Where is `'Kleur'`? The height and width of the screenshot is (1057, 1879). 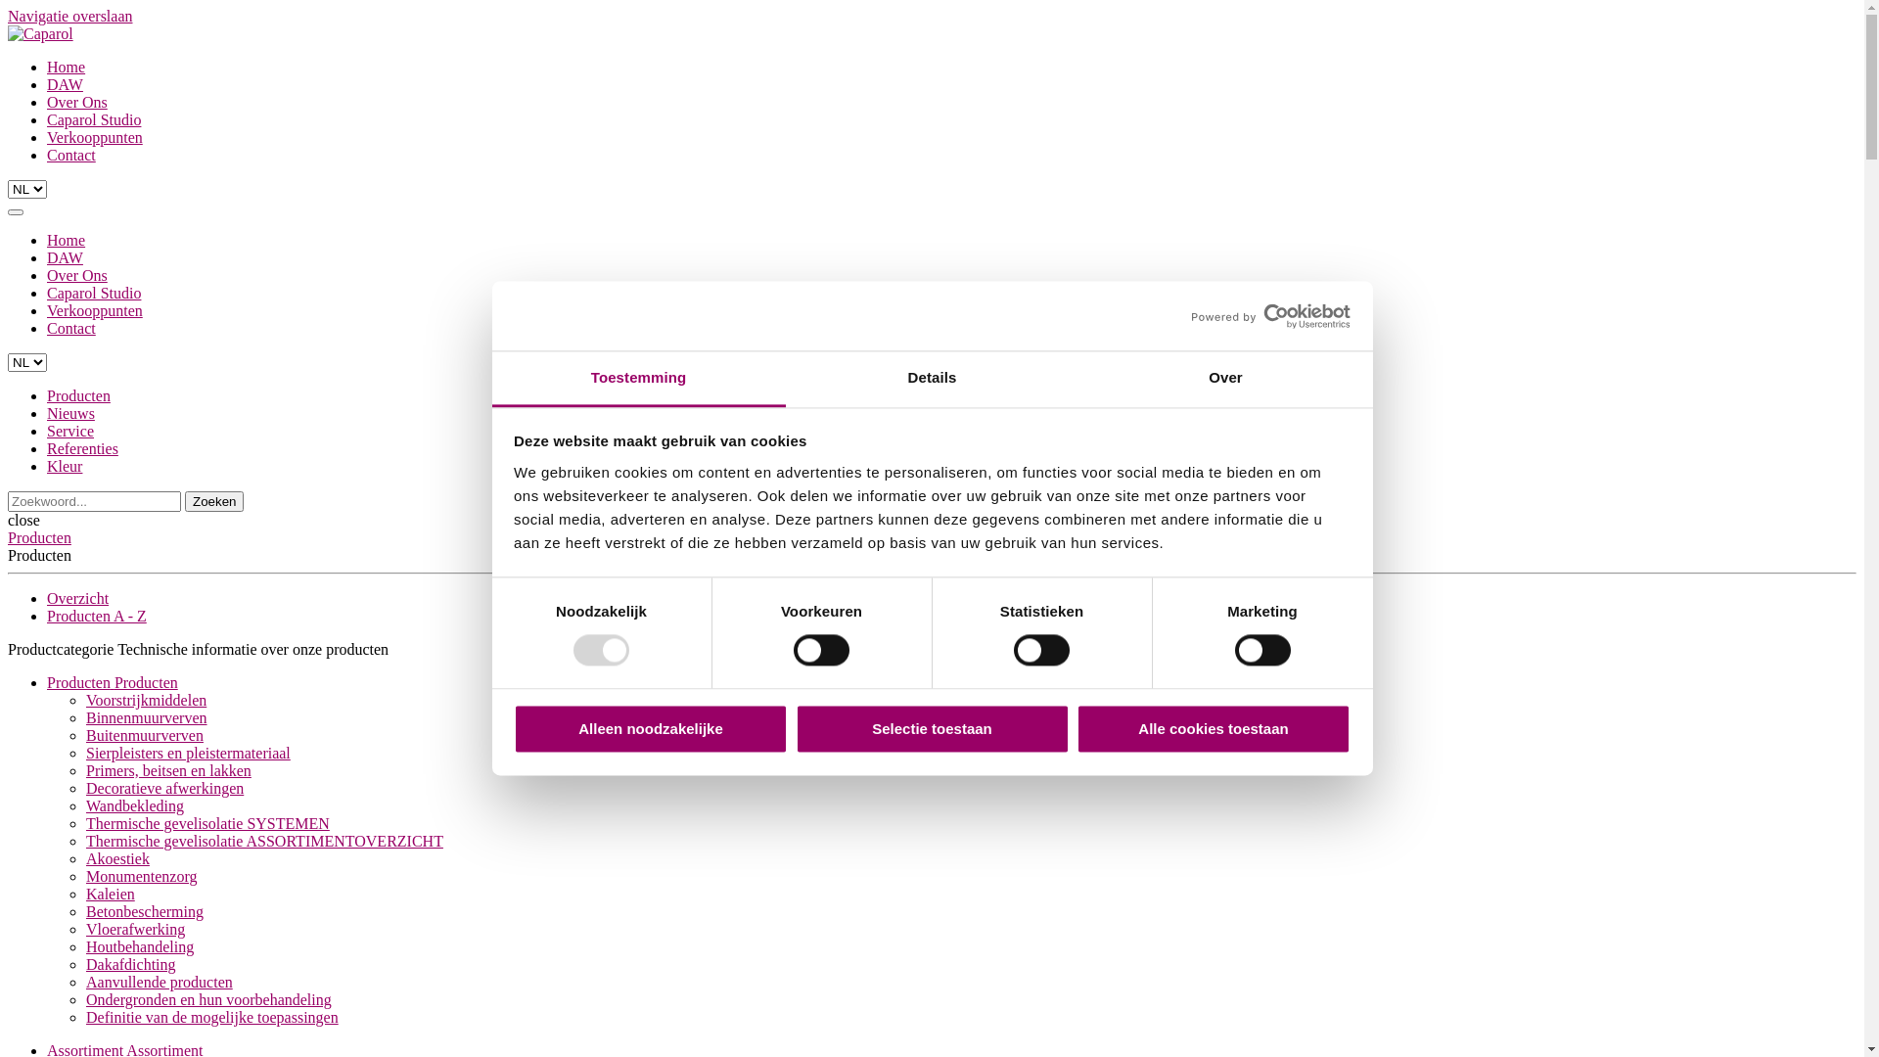
'Kleur' is located at coordinates (65, 466).